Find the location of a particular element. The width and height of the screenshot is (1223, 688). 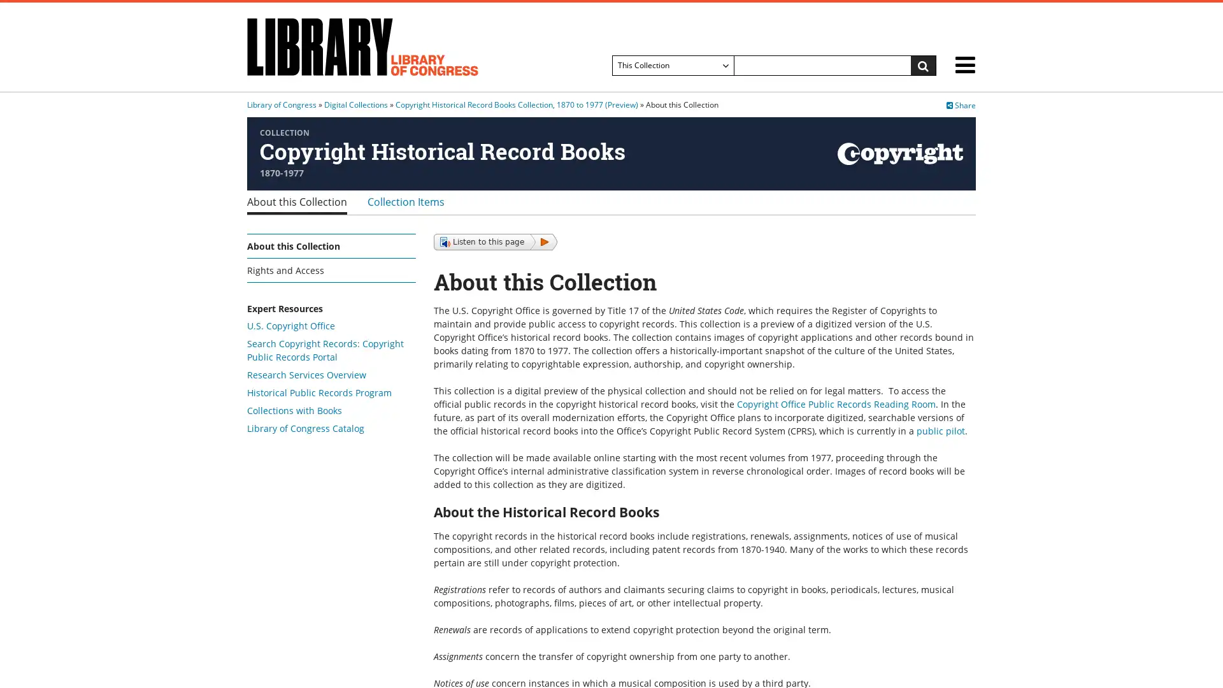

Share is located at coordinates (961, 104).